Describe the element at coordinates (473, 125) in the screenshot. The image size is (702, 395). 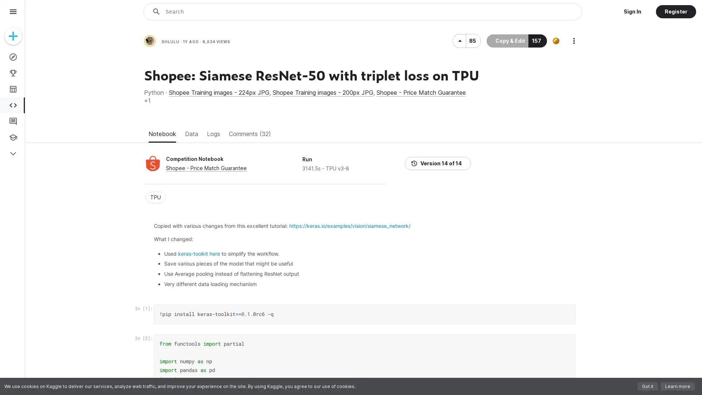
I see `85 votes` at that location.